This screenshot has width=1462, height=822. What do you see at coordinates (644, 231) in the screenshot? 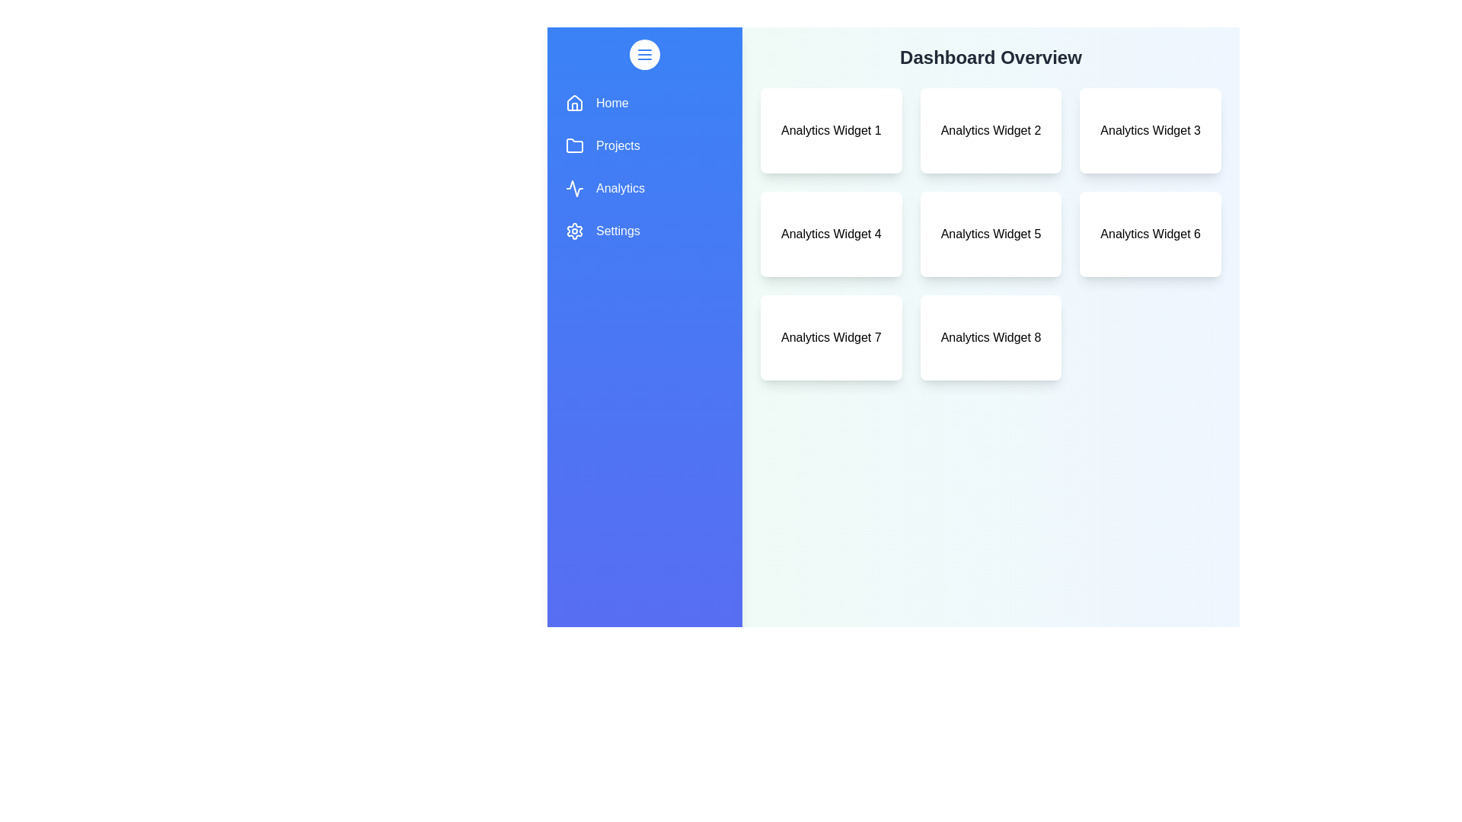
I see `the menu item Settings from the drawer menu` at bounding box center [644, 231].